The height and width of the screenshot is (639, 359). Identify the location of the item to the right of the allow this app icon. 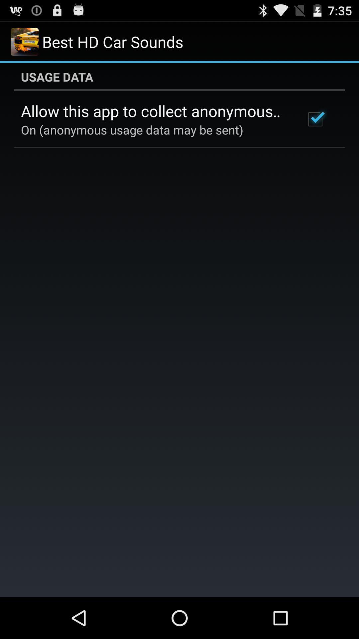
(315, 119).